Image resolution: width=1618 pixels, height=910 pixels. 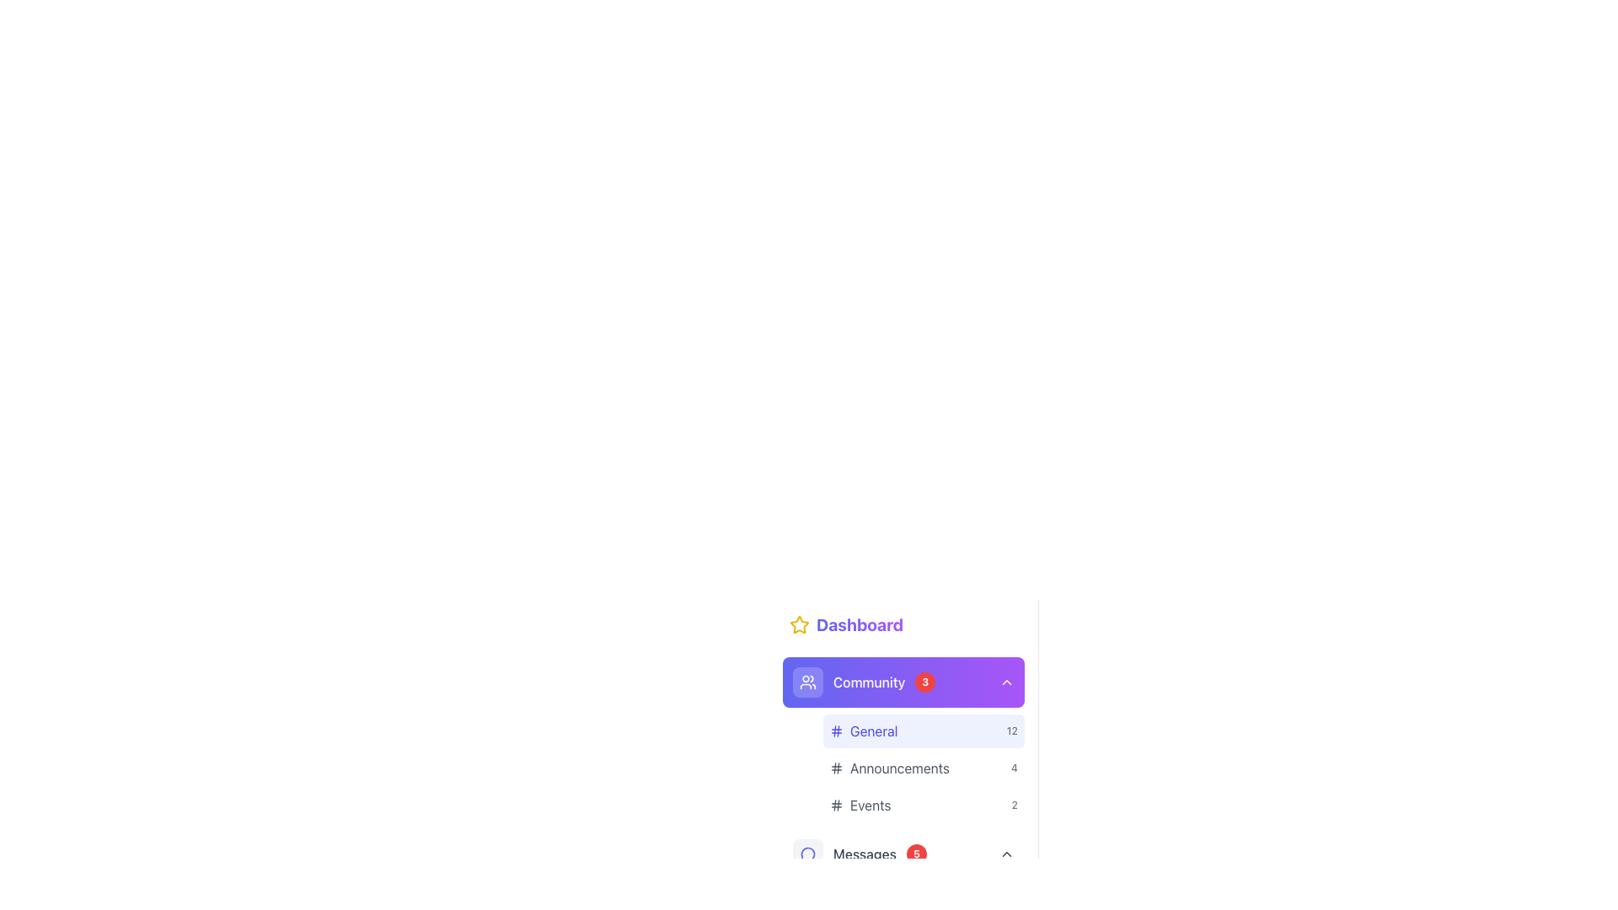 I want to click on the 'Dashboard' label with decorative icon located in the top-left quadrant of the sidebar, so click(x=846, y=624).